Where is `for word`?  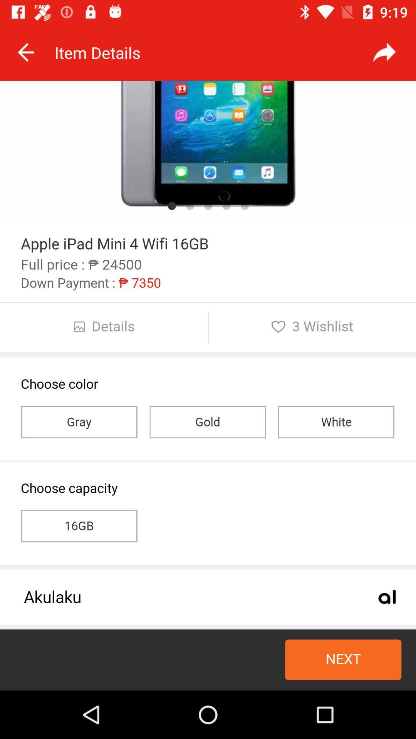
for word is located at coordinates (384, 52).